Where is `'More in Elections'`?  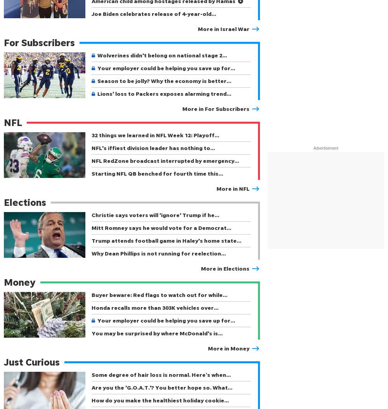
'More in Elections' is located at coordinates (225, 268).